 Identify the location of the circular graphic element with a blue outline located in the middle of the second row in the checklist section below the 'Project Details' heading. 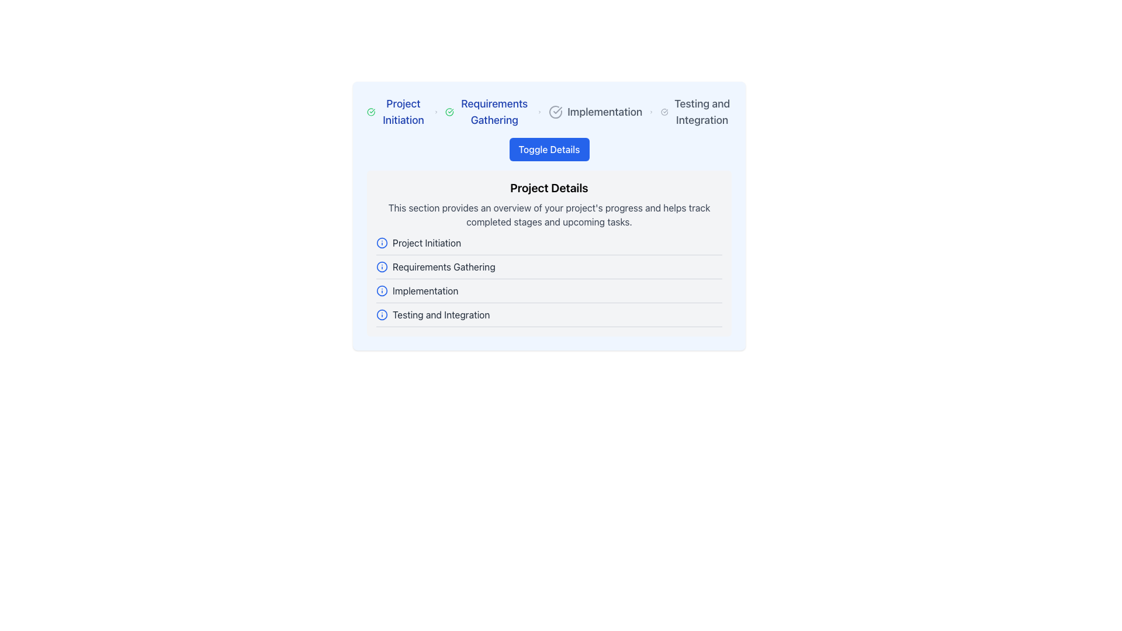
(382, 266).